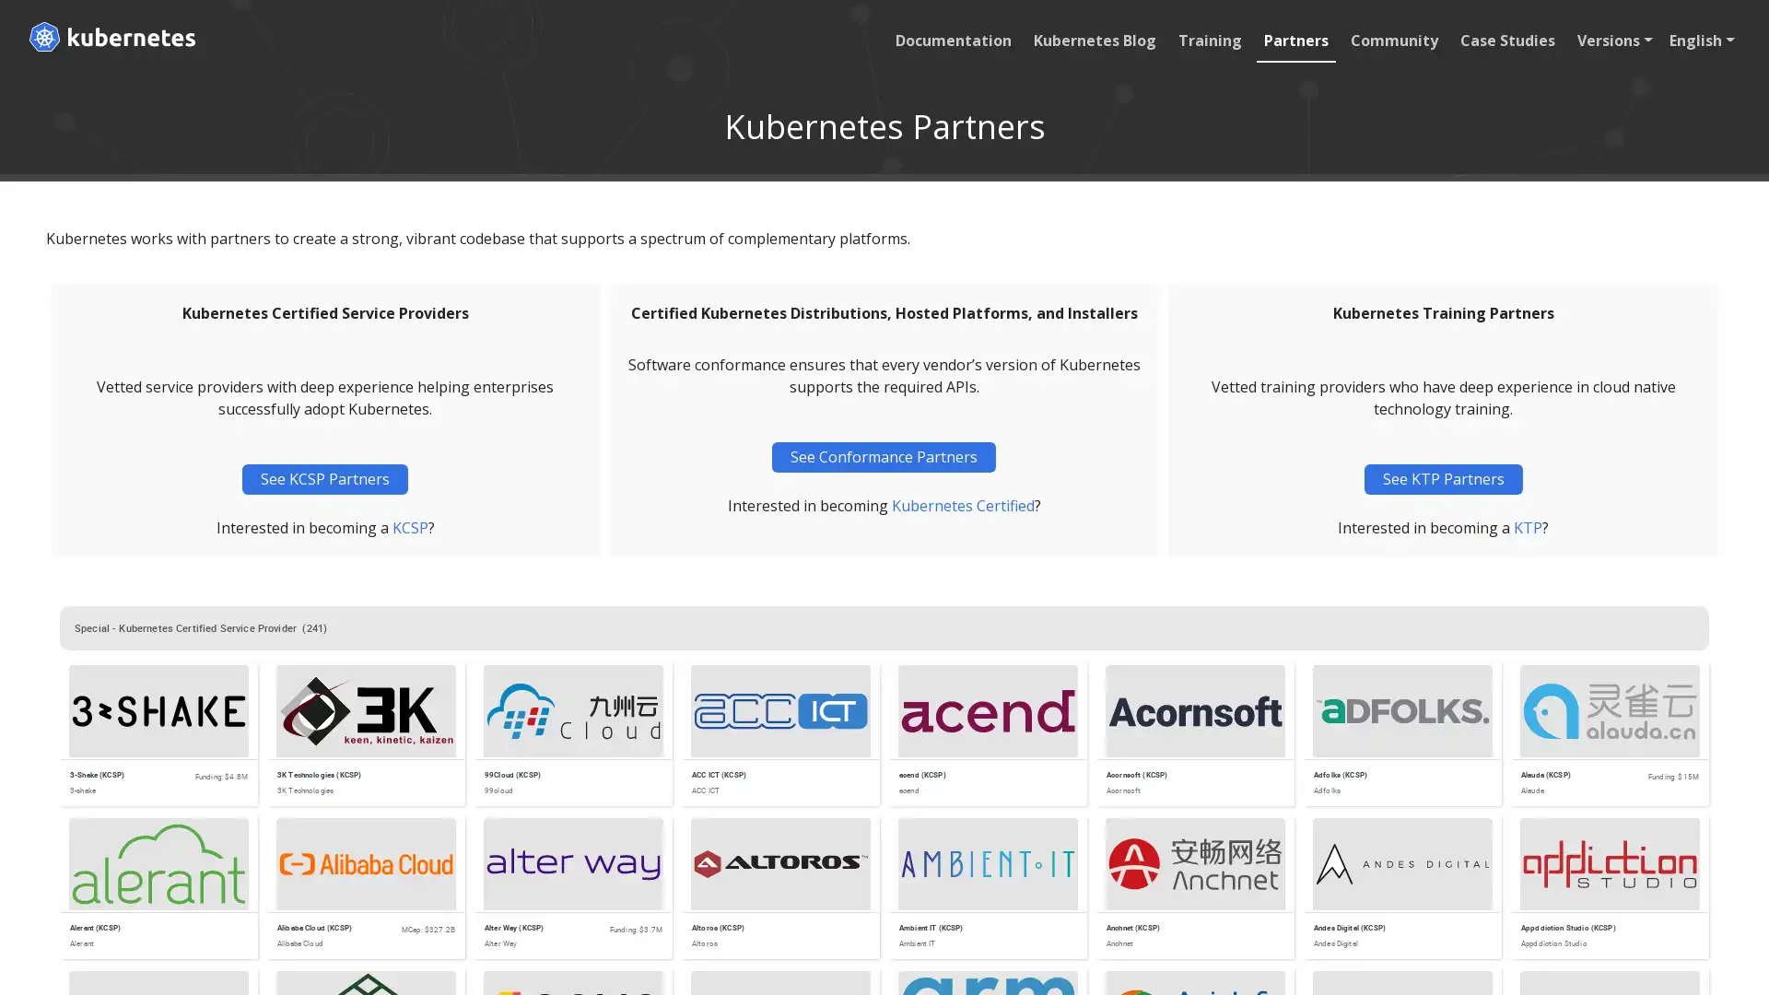 Image resolution: width=1769 pixels, height=995 pixels. What do you see at coordinates (1441, 478) in the screenshot?
I see `See KTP Partners` at bounding box center [1441, 478].